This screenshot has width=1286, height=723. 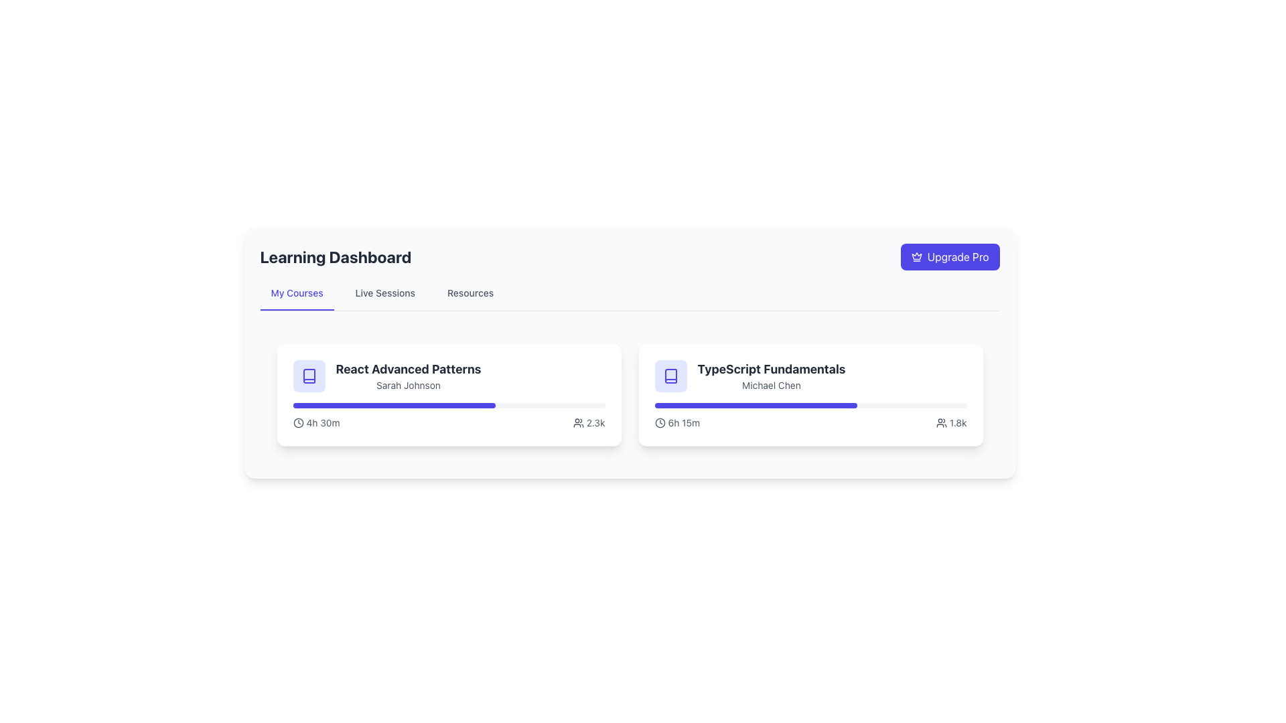 What do you see at coordinates (315, 423) in the screenshot?
I see `the Time indicator with icon located in the 'React Advanced Patterns' course card, positioned to the left side of the bottom section for potential interactions` at bounding box center [315, 423].